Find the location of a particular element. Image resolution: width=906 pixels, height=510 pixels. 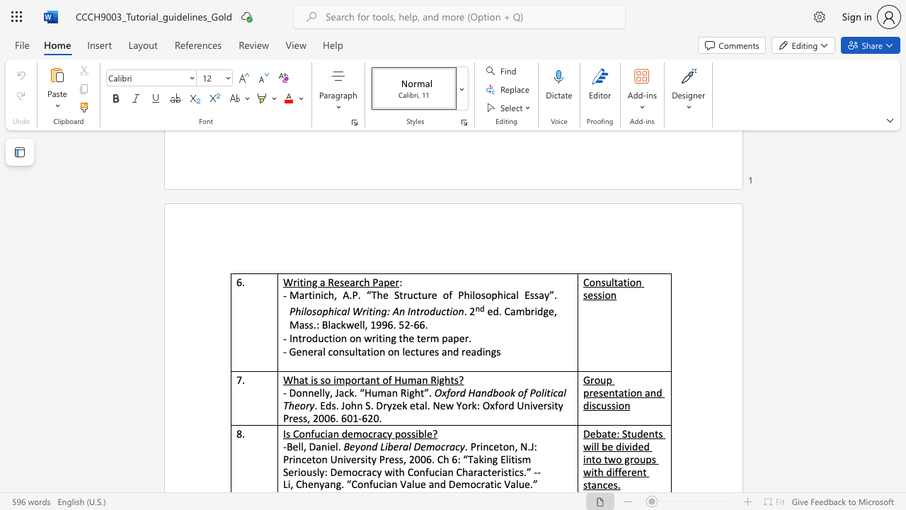

the subset text "res and" within the text "- General consultation on lectures and readings" is located at coordinates (424, 351).